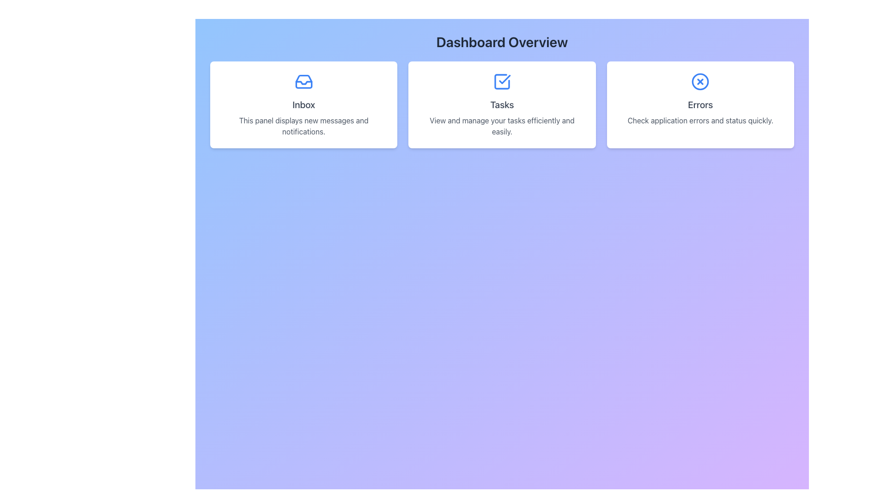  I want to click on the checkmark icon embedded within the task list in the 'Tasks' card, which has a blue stroke color and is part of an SVG graphic, so click(504, 79).